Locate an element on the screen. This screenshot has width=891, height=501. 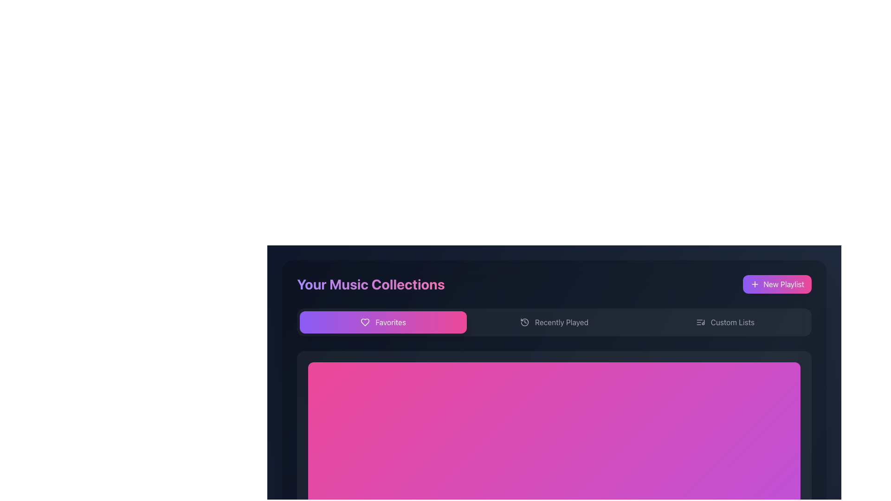
the 'New Playlist' button located in the top-right corner of the 'Your Music Collections' panel, which features white text on a gradient background is located at coordinates (783, 284).